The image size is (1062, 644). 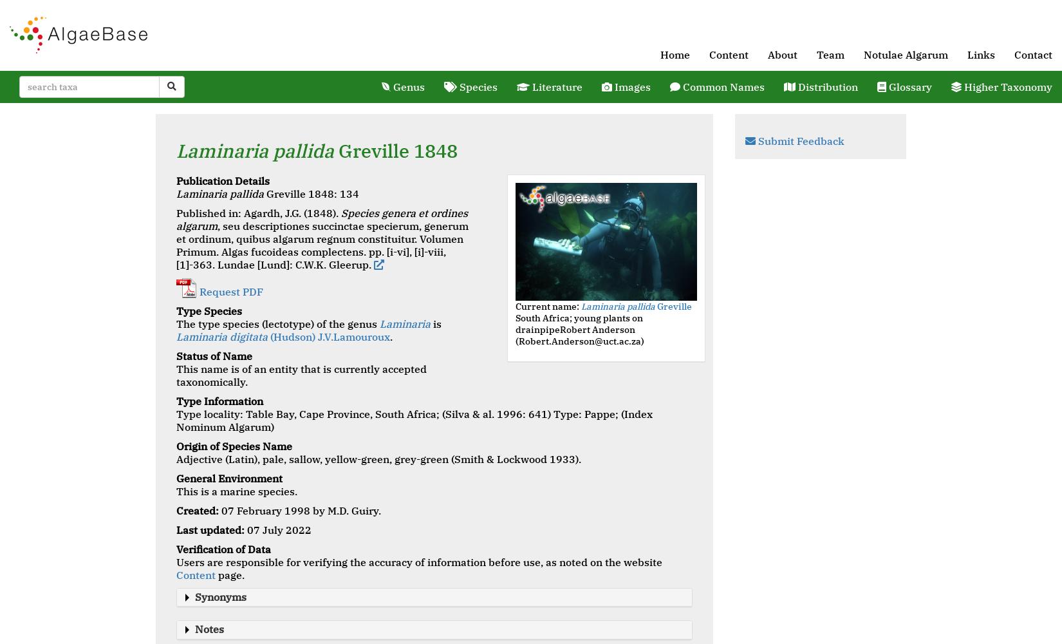 What do you see at coordinates (219, 400) in the screenshot?
I see `'Type Information'` at bounding box center [219, 400].